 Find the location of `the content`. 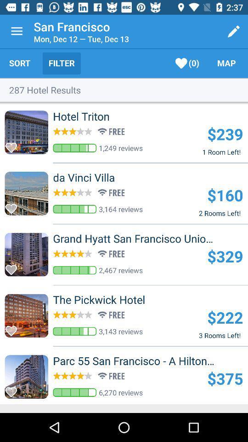

the content is located at coordinates (13, 389).